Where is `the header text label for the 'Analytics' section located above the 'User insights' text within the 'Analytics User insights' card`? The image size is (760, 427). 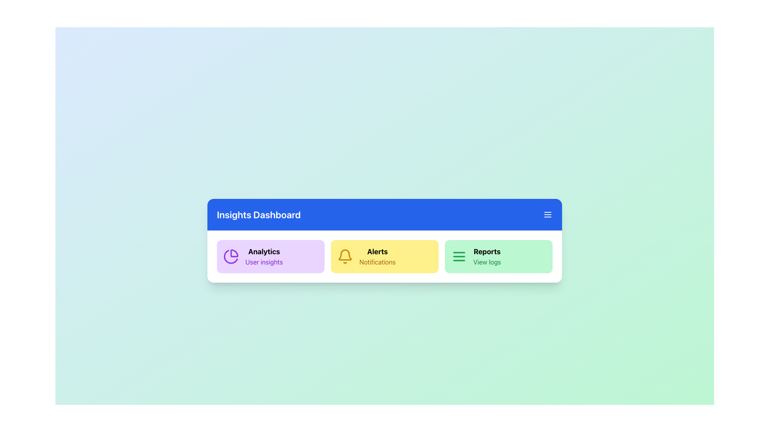 the header text label for the 'Analytics' section located above the 'User insights' text within the 'Analytics User insights' card is located at coordinates (264, 251).